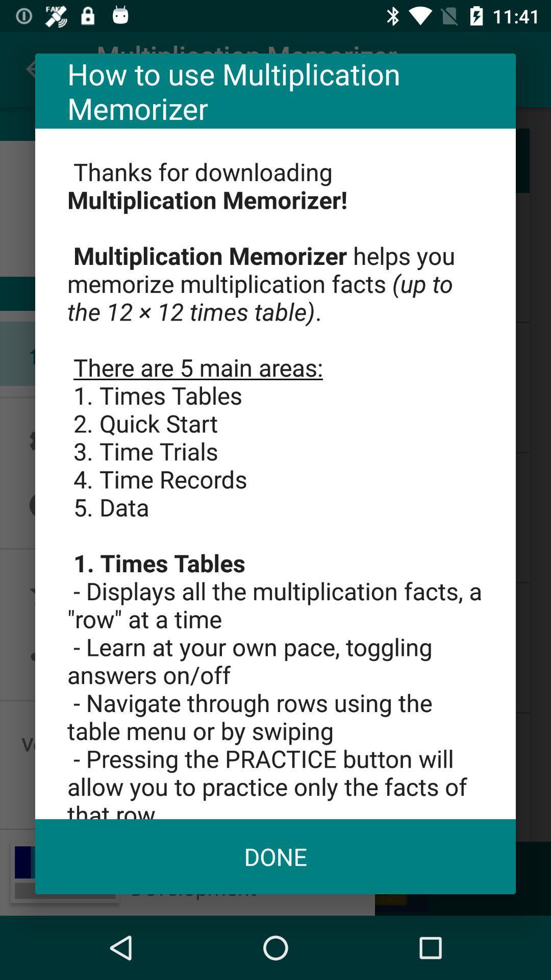 This screenshot has height=980, width=551. What do you see at coordinates (275, 856) in the screenshot?
I see `the icon below thanks for downloading` at bounding box center [275, 856].